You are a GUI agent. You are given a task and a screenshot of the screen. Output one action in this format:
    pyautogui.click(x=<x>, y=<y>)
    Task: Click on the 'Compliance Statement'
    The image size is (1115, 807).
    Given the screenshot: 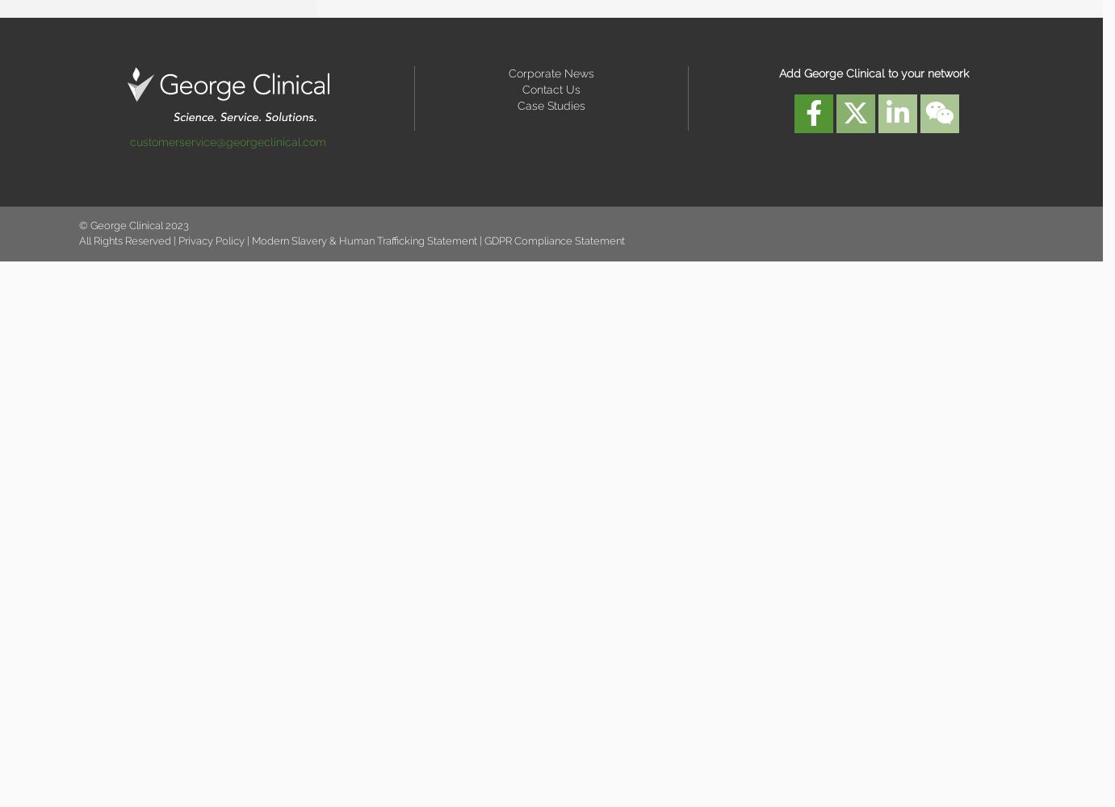 What is the action you would take?
    pyautogui.click(x=568, y=240)
    